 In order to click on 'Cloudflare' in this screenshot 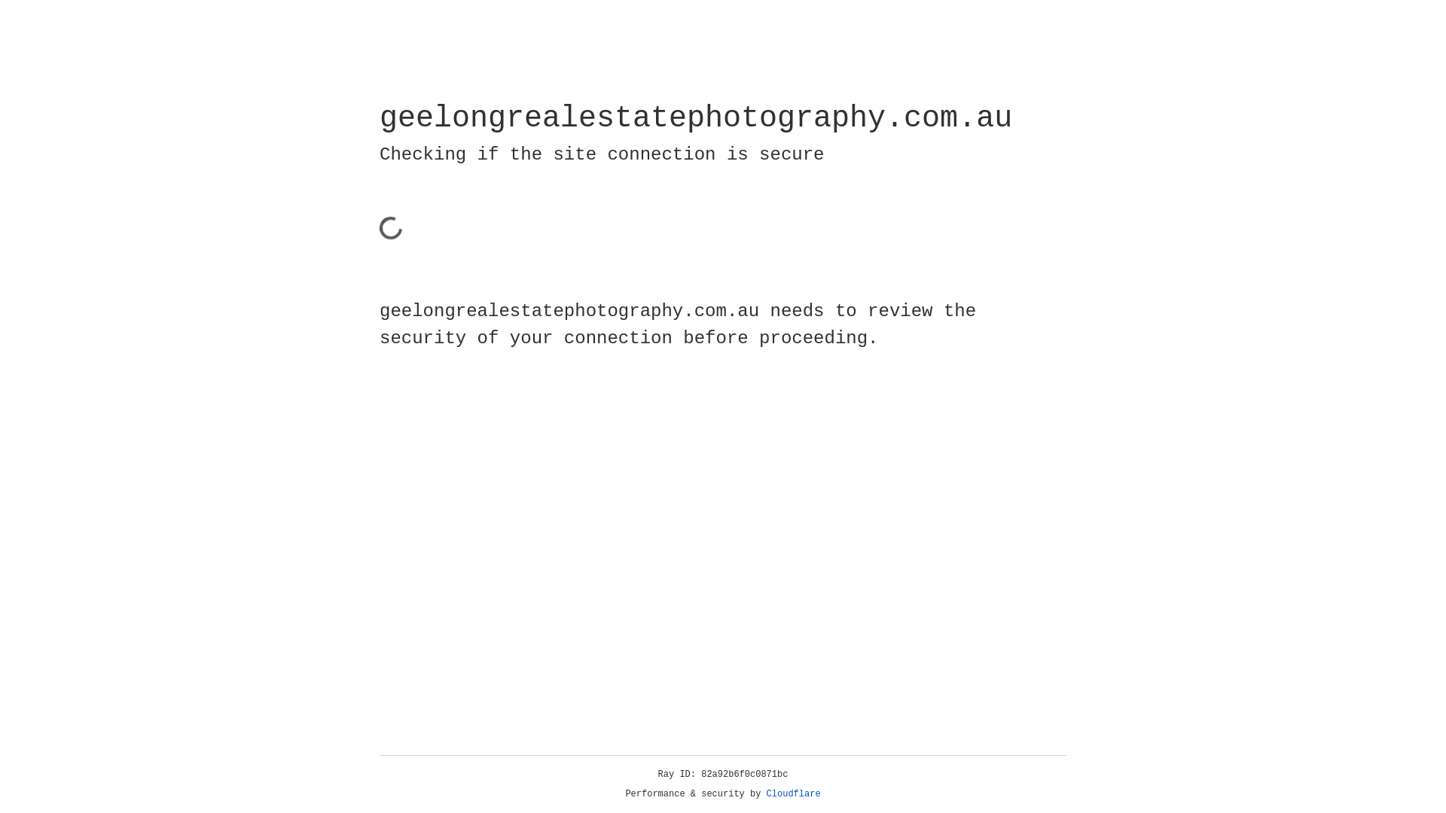, I will do `click(793, 793)`.